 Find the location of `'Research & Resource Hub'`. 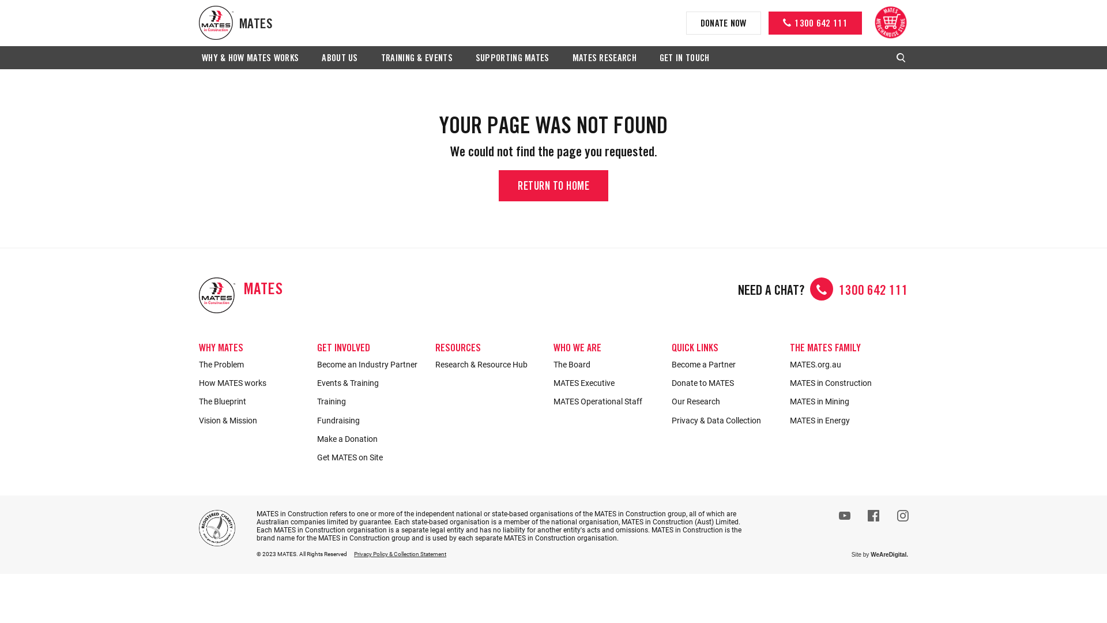

'Research & Resource Hub' is located at coordinates (488, 365).